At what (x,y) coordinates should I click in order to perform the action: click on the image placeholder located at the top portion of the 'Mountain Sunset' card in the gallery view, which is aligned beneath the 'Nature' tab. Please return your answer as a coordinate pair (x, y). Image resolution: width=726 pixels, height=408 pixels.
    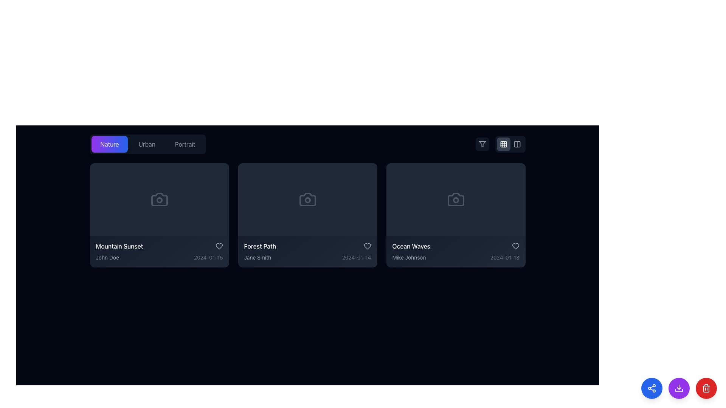
    Looking at the image, I should click on (159, 199).